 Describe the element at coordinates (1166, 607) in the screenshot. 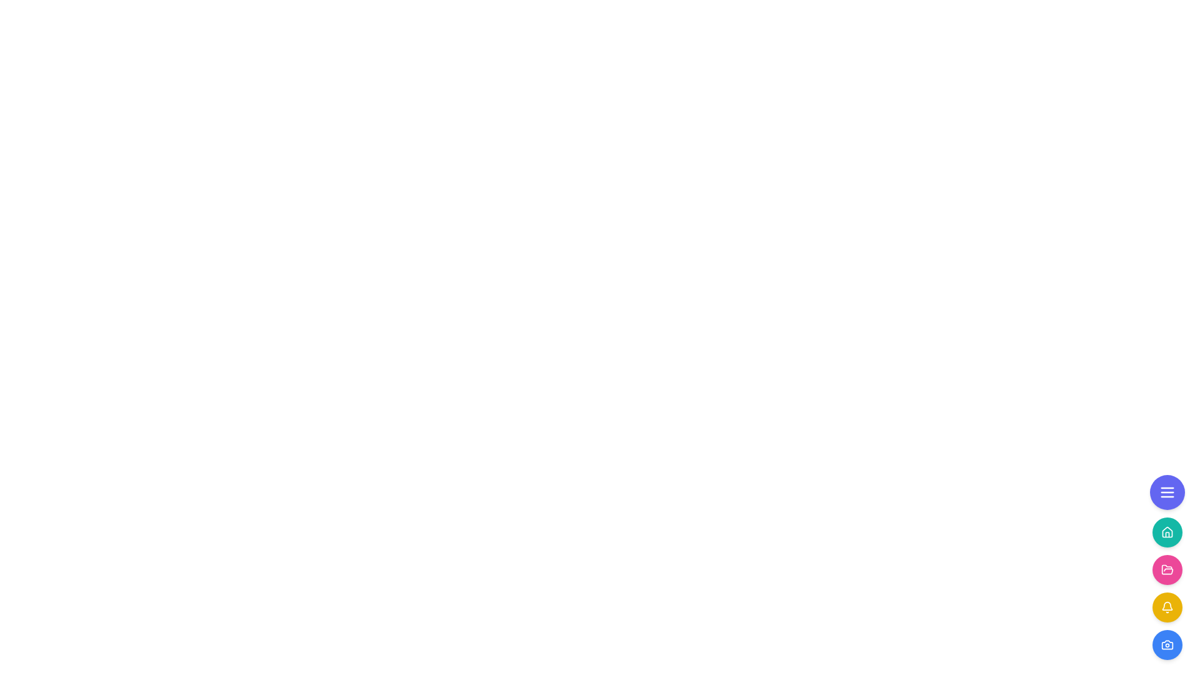

I see `the fourth circular button from the top in a vertical stack of buttons located in the bottom right corner of the interface` at that location.